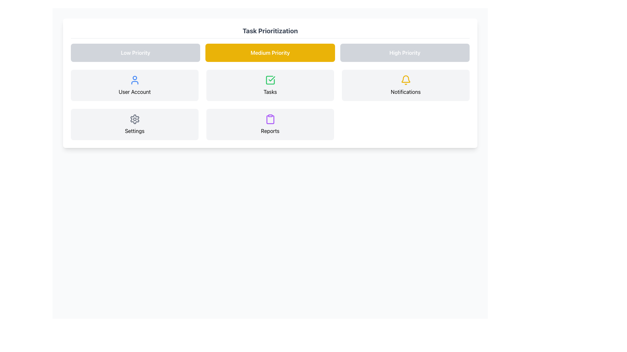 Image resolution: width=627 pixels, height=352 pixels. I want to click on the gear-shaped icon in the lower-left quadrant of the interface, so click(134, 119).